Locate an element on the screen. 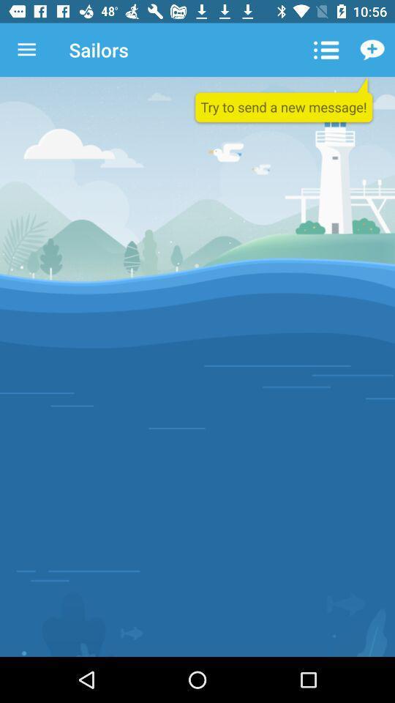 This screenshot has width=395, height=703. the icon to the right of sailors is located at coordinates (326, 50).